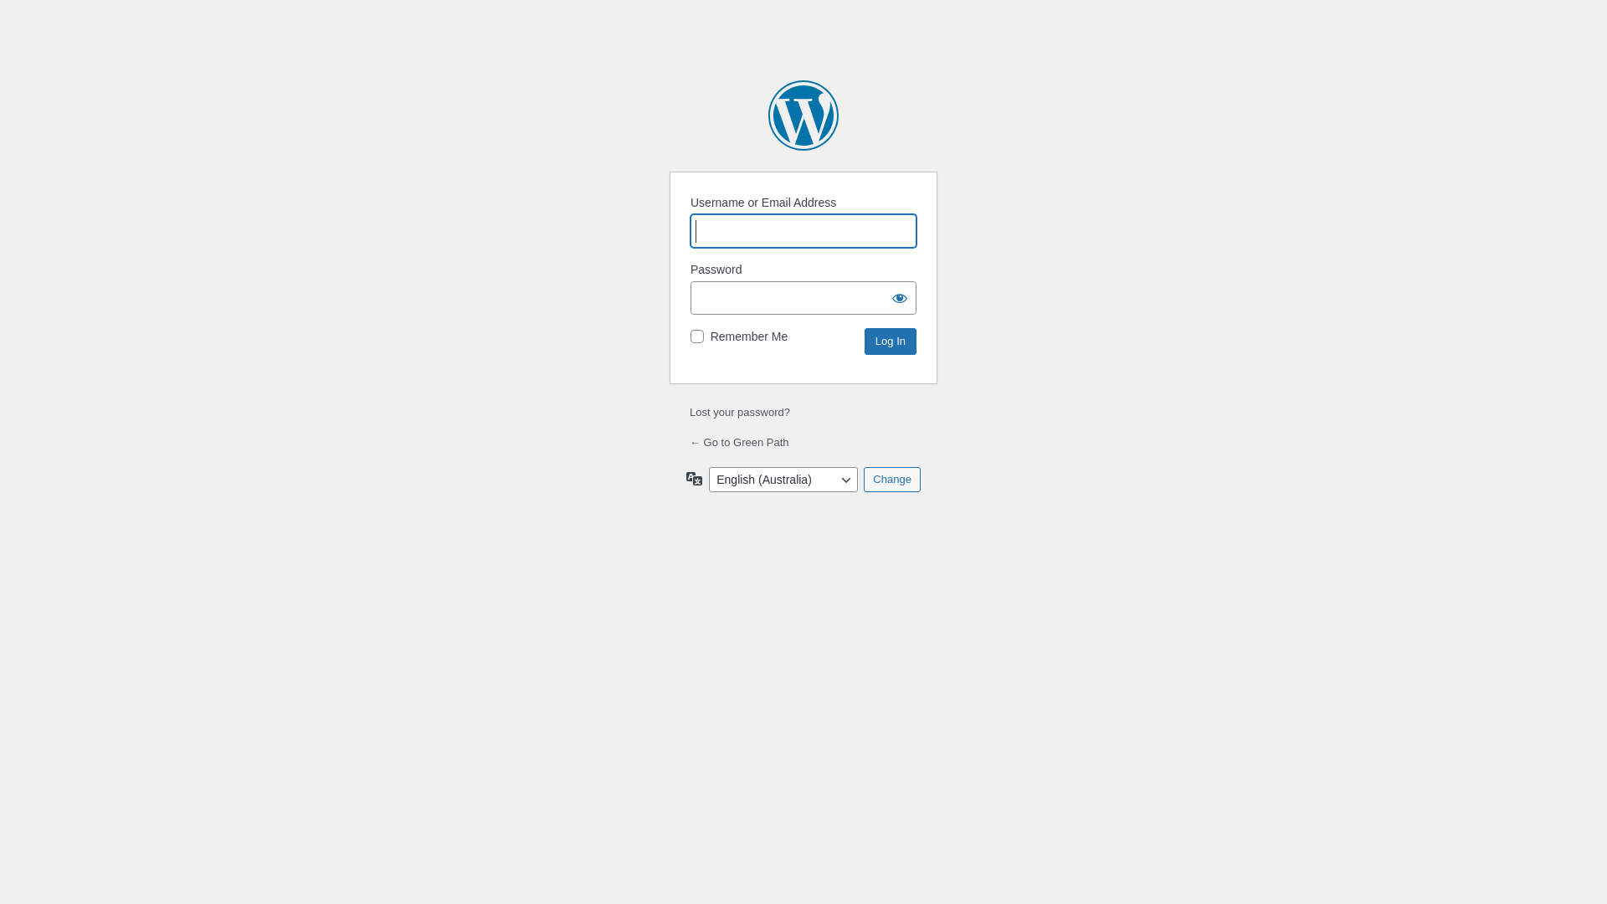 The height and width of the screenshot is (904, 1607). Describe the element at coordinates (891, 480) in the screenshot. I see `'Change'` at that location.